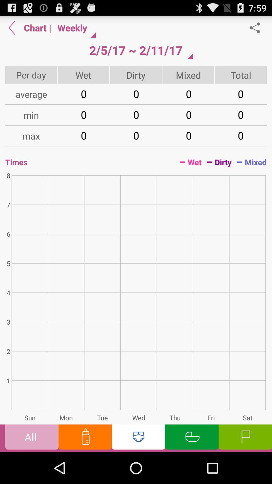 The height and width of the screenshot is (484, 272). I want to click on feeding log option, so click(85, 438).